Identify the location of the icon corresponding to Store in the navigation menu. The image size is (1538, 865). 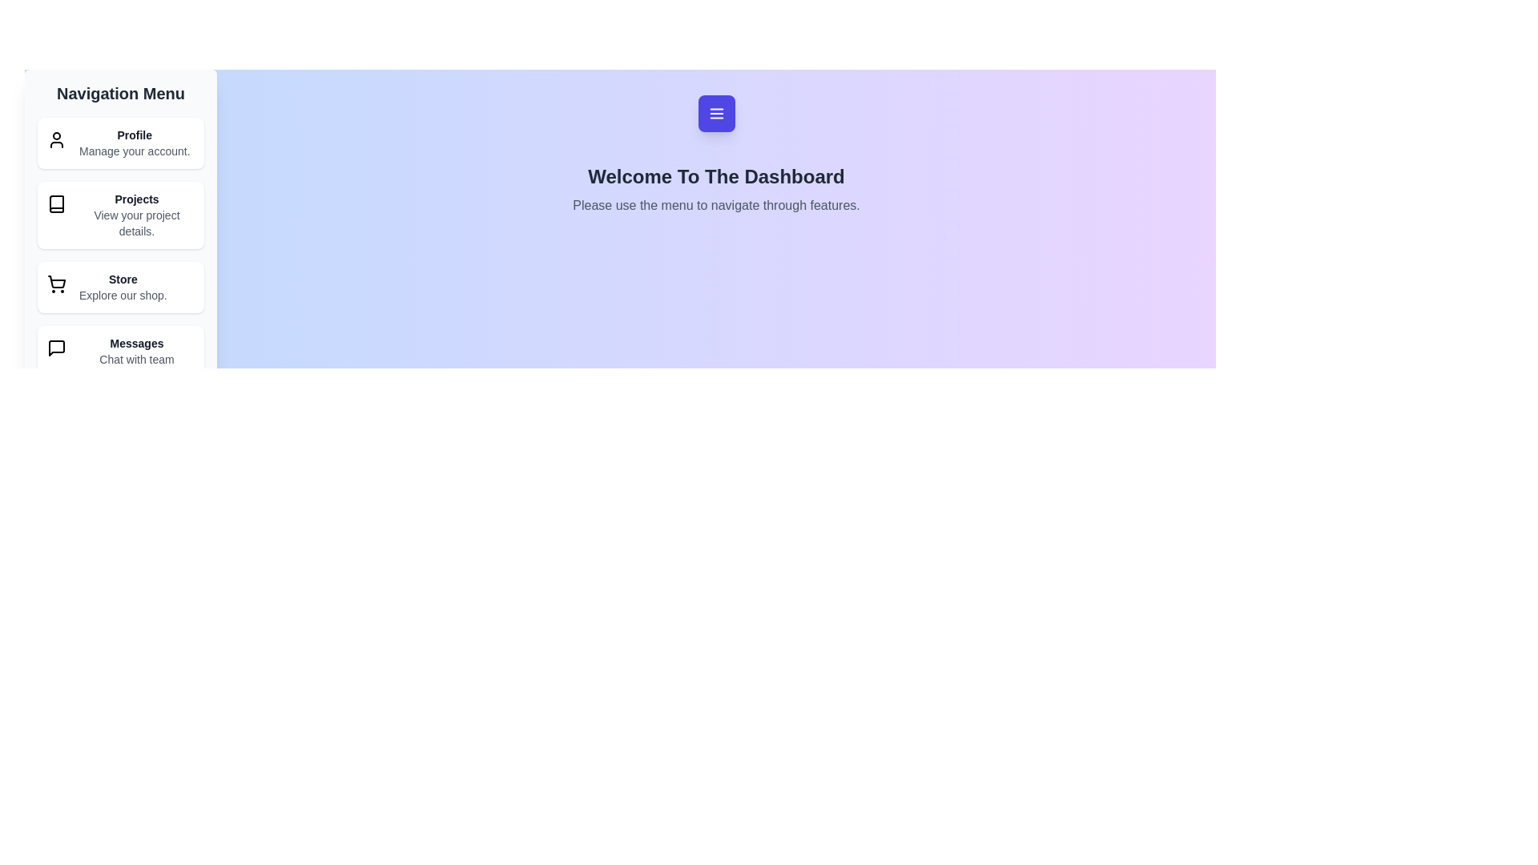
(57, 283).